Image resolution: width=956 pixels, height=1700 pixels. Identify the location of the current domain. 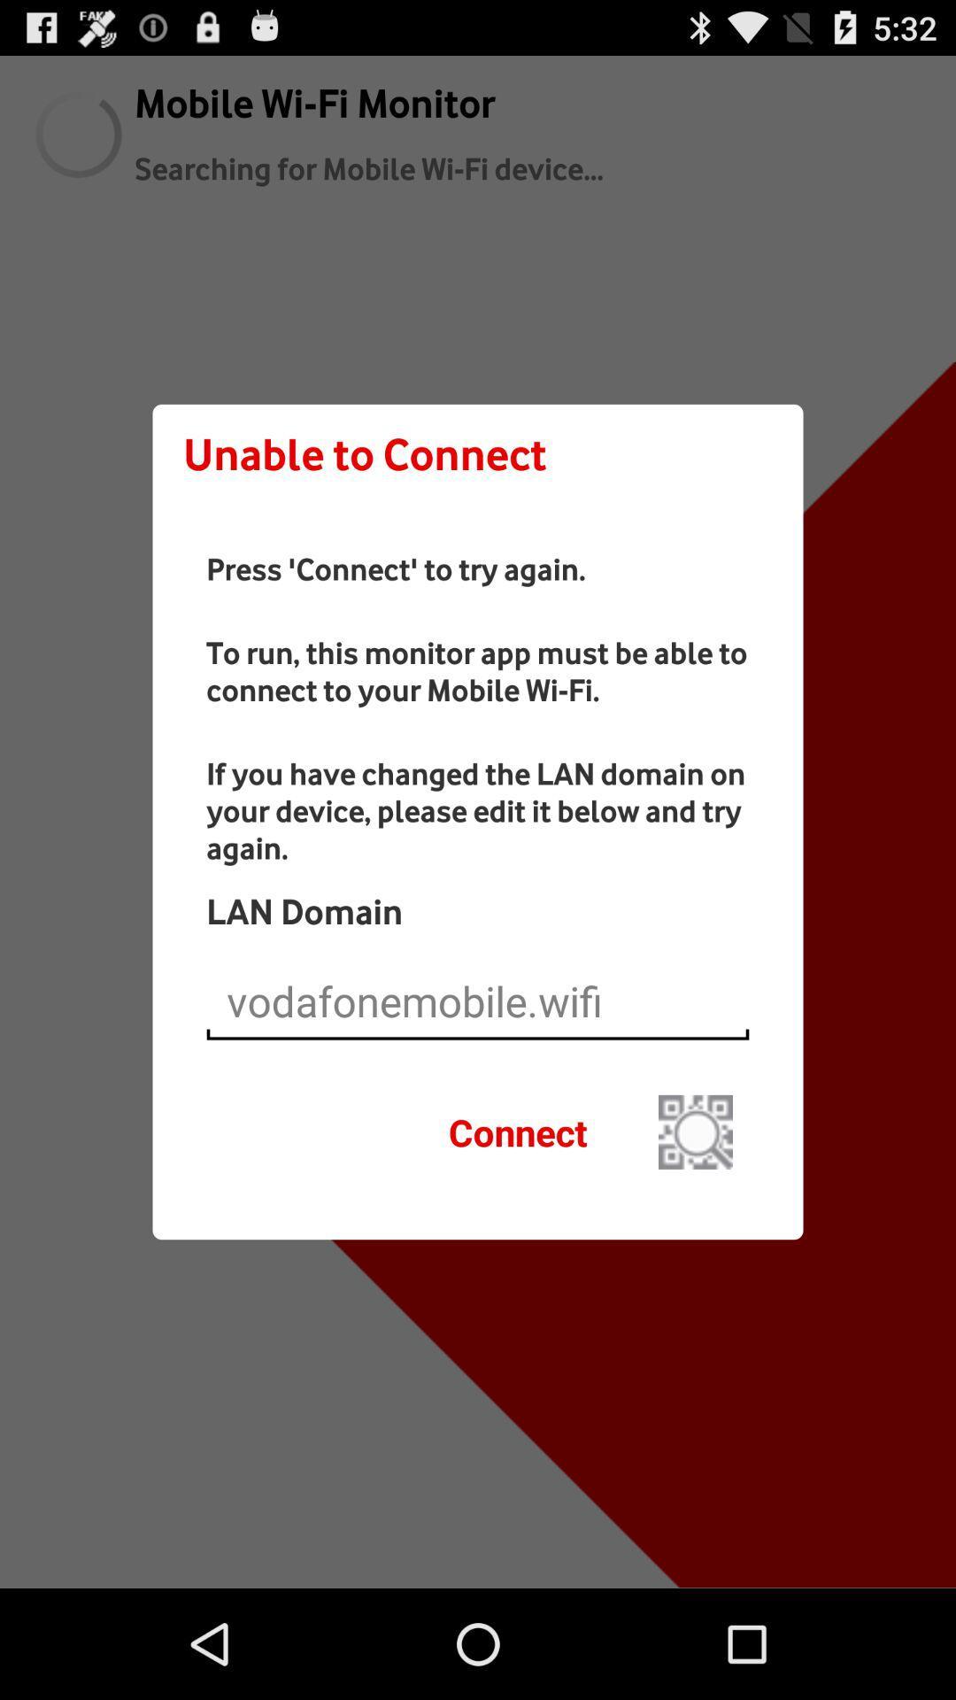
(478, 1001).